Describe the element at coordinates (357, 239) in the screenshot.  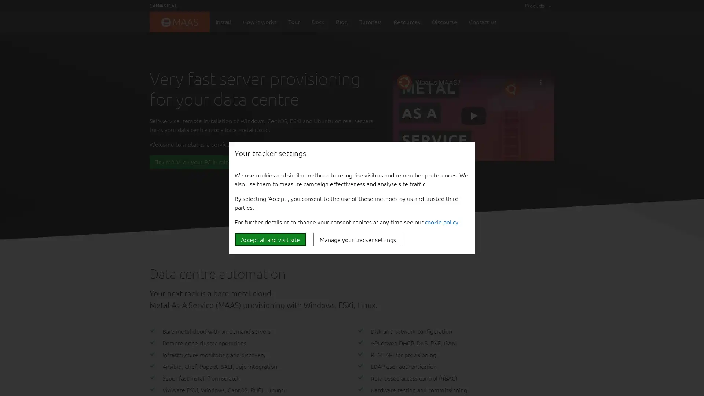
I see `Manage your tracker settings` at that location.